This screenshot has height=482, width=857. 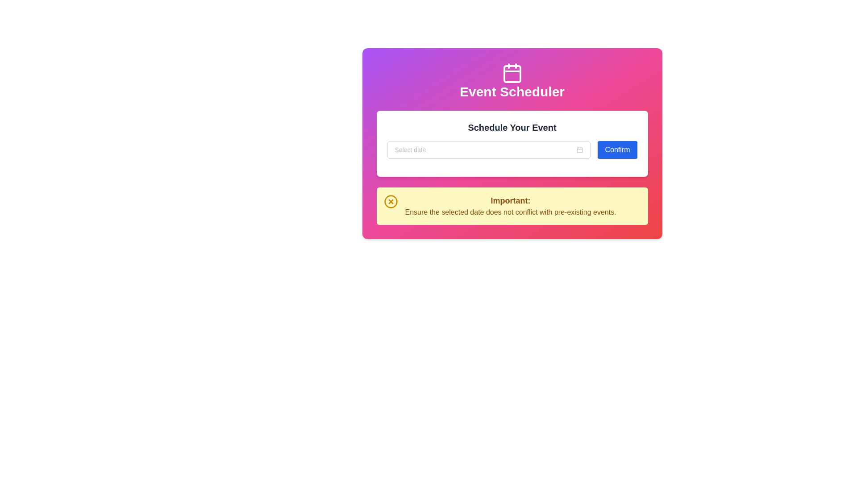 What do you see at coordinates (391, 201) in the screenshot?
I see `the notification icon located in the notification bar, positioned to the left of the text 'Important: Ensure the selected date does not conflict with pre-existing events.'` at bounding box center [391, 201].